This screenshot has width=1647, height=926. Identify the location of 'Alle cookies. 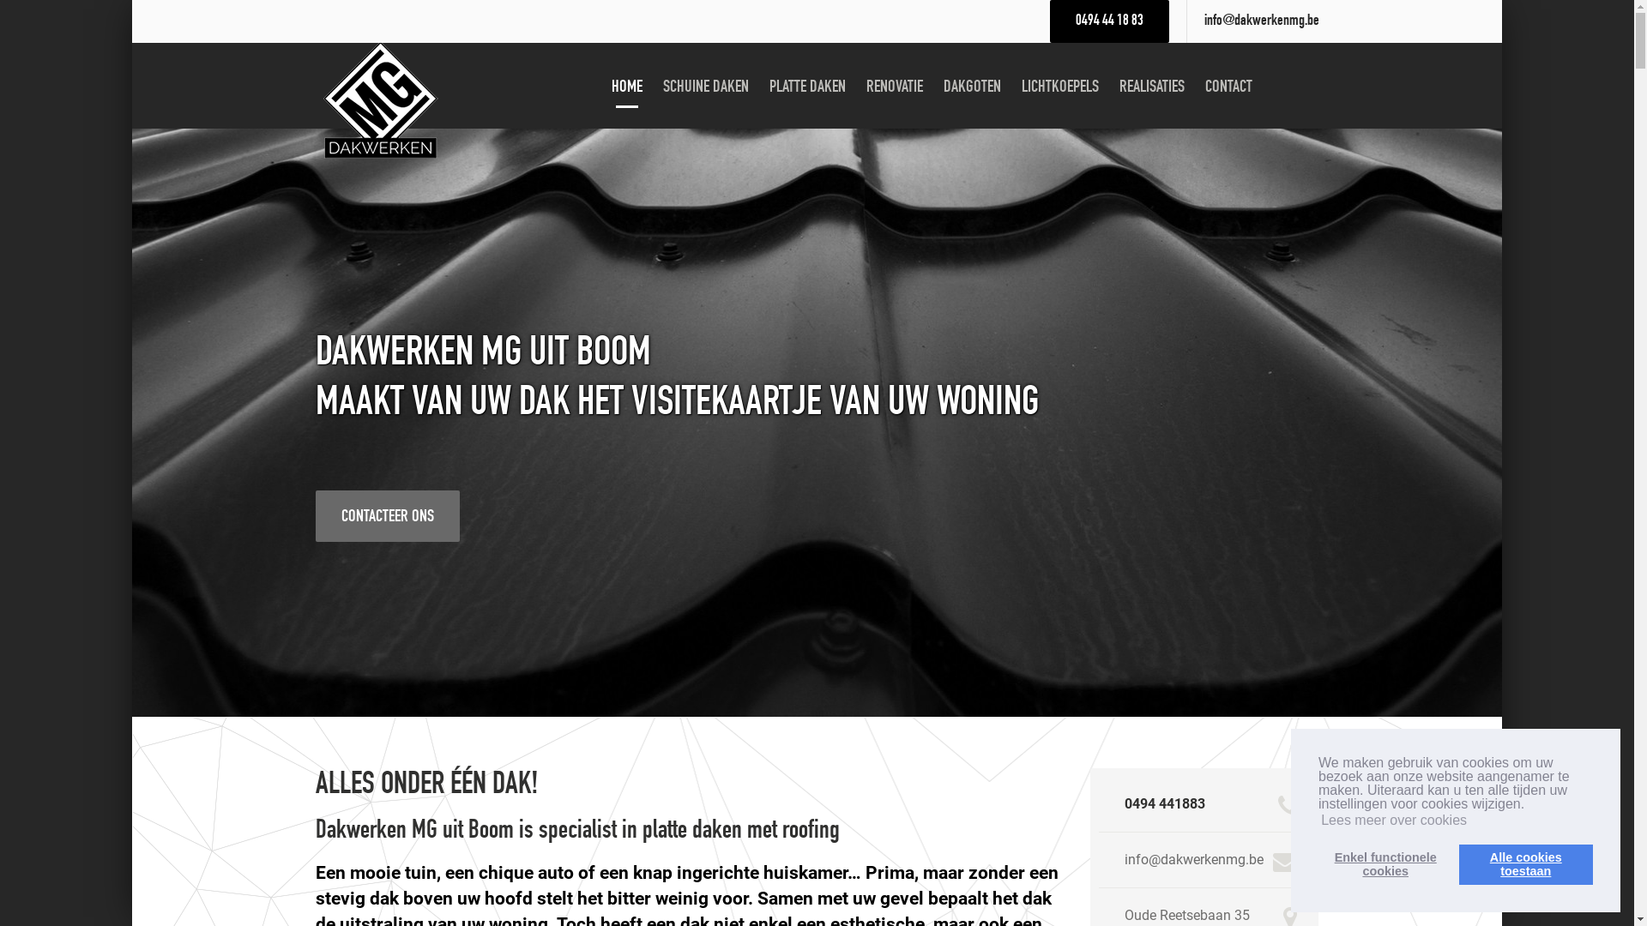
(1526, 863).